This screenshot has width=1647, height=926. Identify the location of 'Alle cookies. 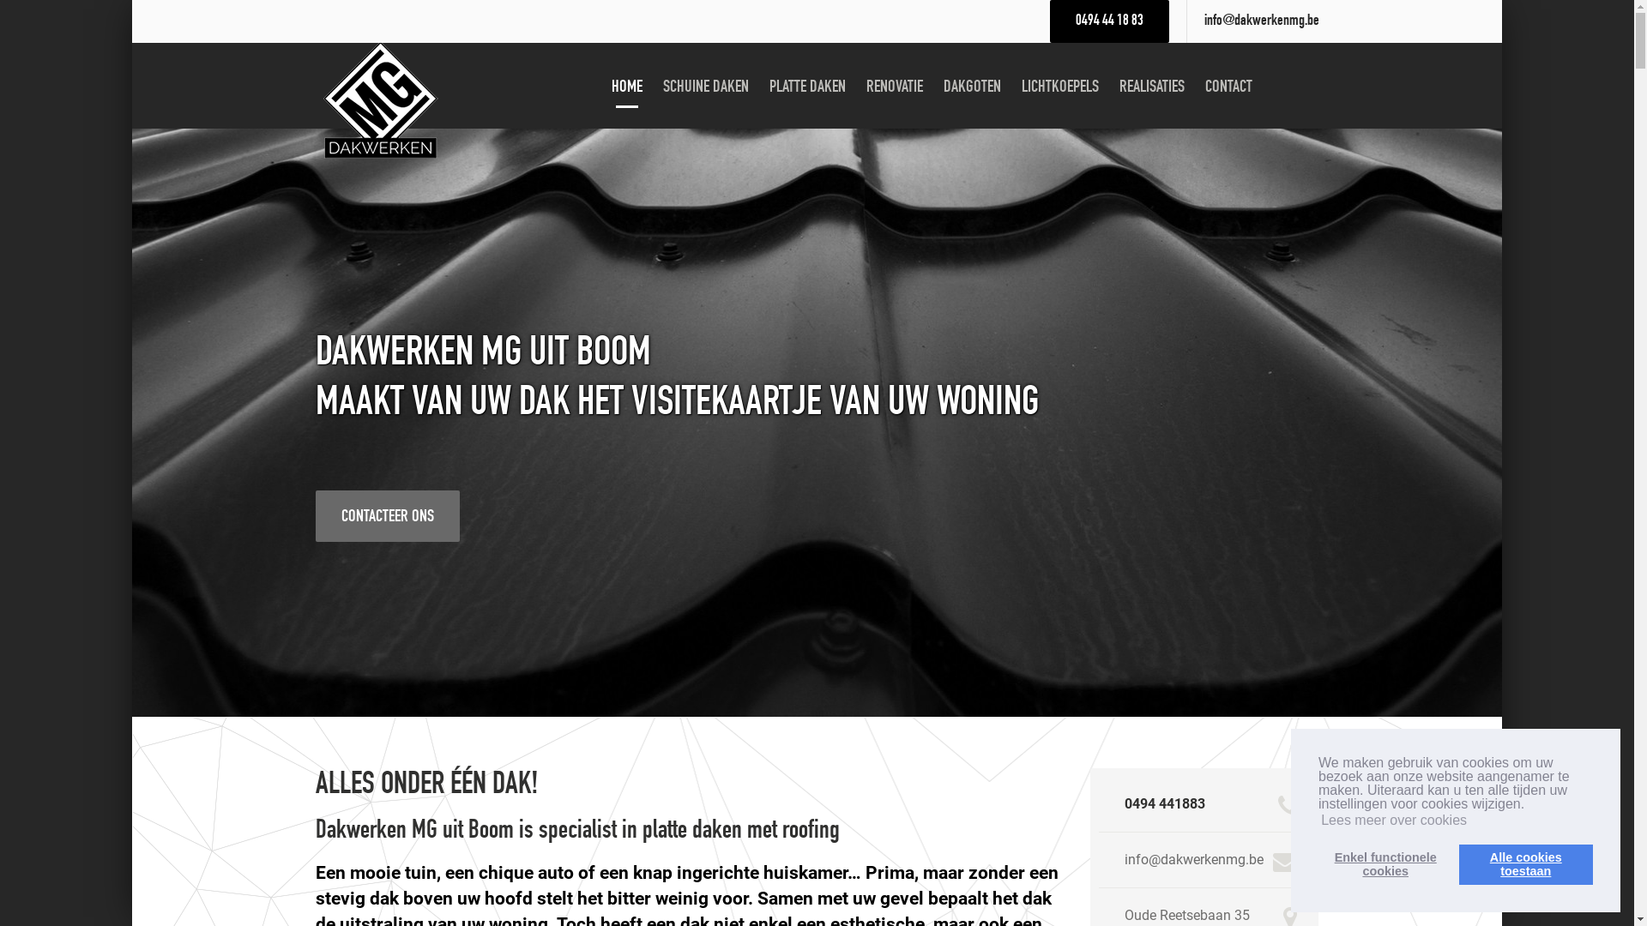
(1526, 863).